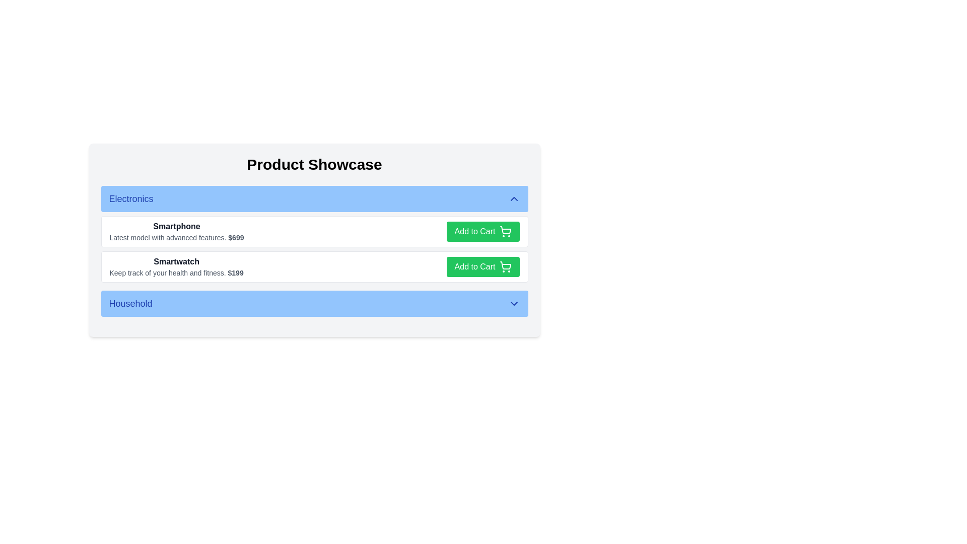 The image size is (967, 544). What do you see at coordinates (235, 273) in the screenshot?
I see `text value of the price label displaying '$199' for the 'Smartwatch' product, which is located at the end of the description in the 'Electronics' section of the 'Product Showcase'` at bounding box center [235, 273].